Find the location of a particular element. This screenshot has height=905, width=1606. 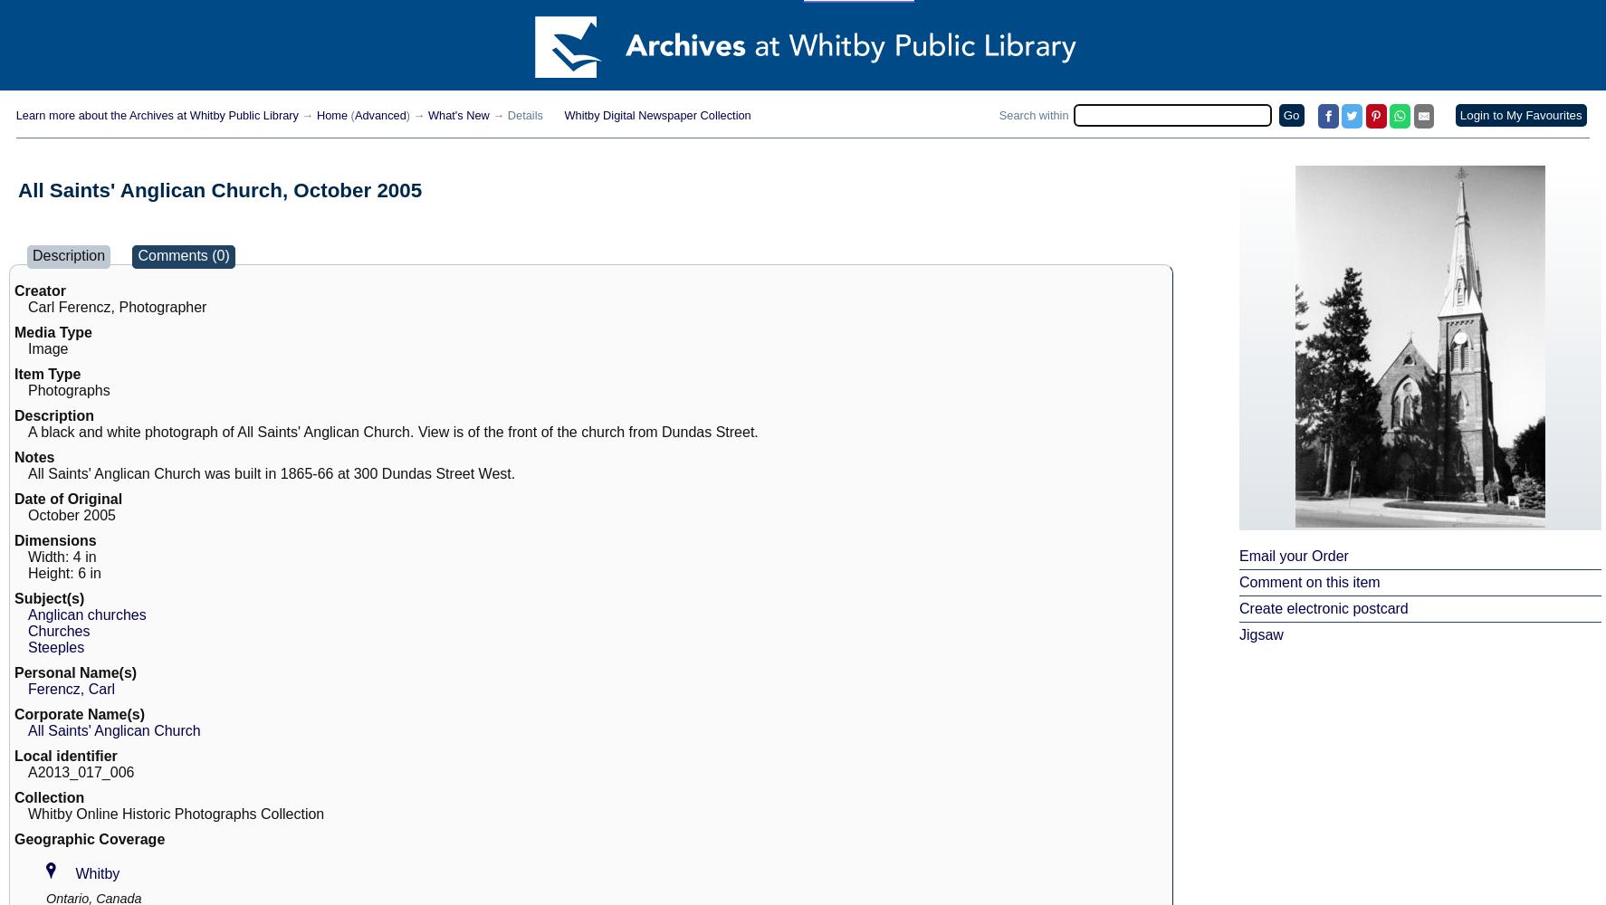

'Home' is located at coordinates (330, 115).